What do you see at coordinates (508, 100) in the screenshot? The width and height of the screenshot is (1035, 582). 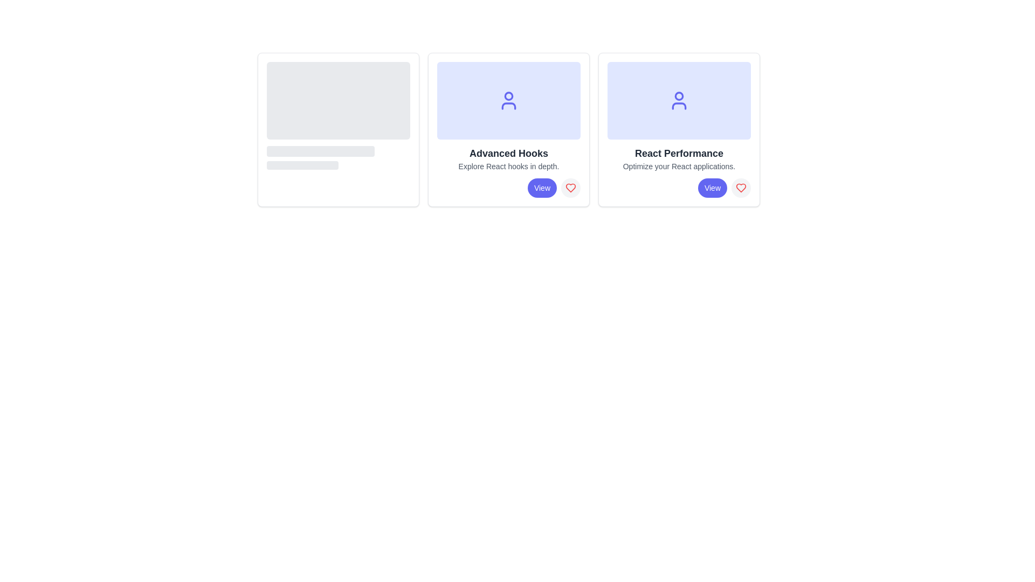 I see `the user-related feature icon located in the upper central portion of the second card from the left, above the text labeled 'Advanced Hooks'` at bounding box center [508, 100].